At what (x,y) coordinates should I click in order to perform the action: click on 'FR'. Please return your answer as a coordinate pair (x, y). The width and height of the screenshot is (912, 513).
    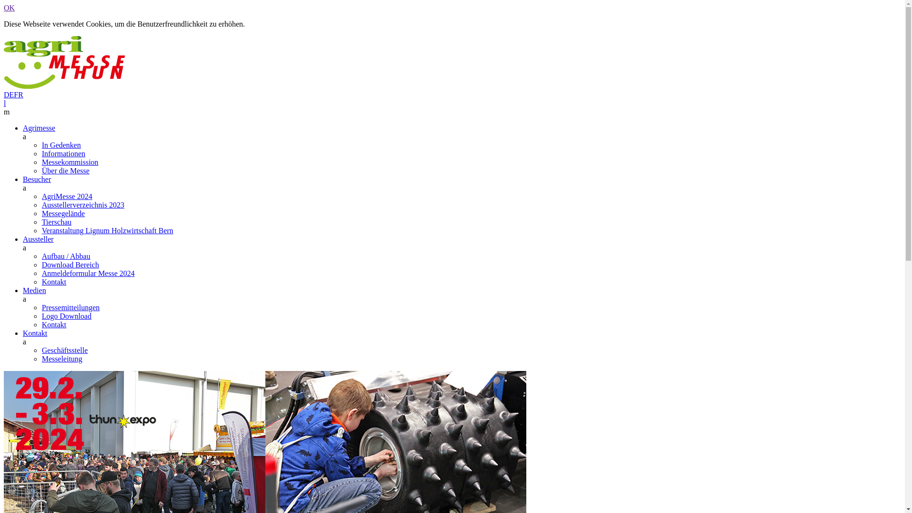
    Looking at the image, I should click on (18, 95).